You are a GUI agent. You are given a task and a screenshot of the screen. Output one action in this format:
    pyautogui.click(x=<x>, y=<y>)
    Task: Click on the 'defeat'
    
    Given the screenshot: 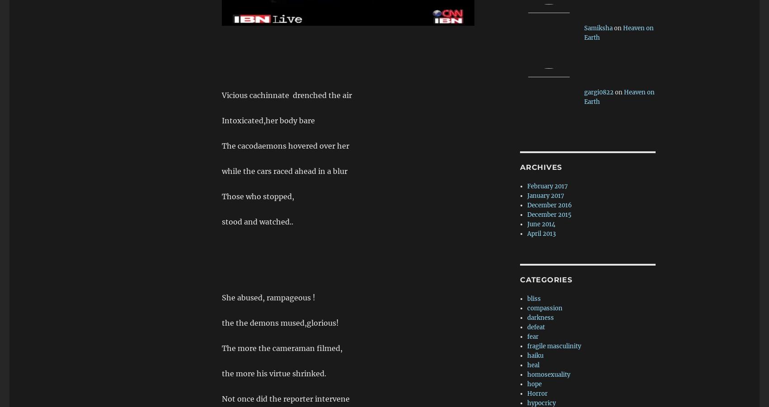 What is the action you would take?
    pyautogui.click(x=536, y=327)
    